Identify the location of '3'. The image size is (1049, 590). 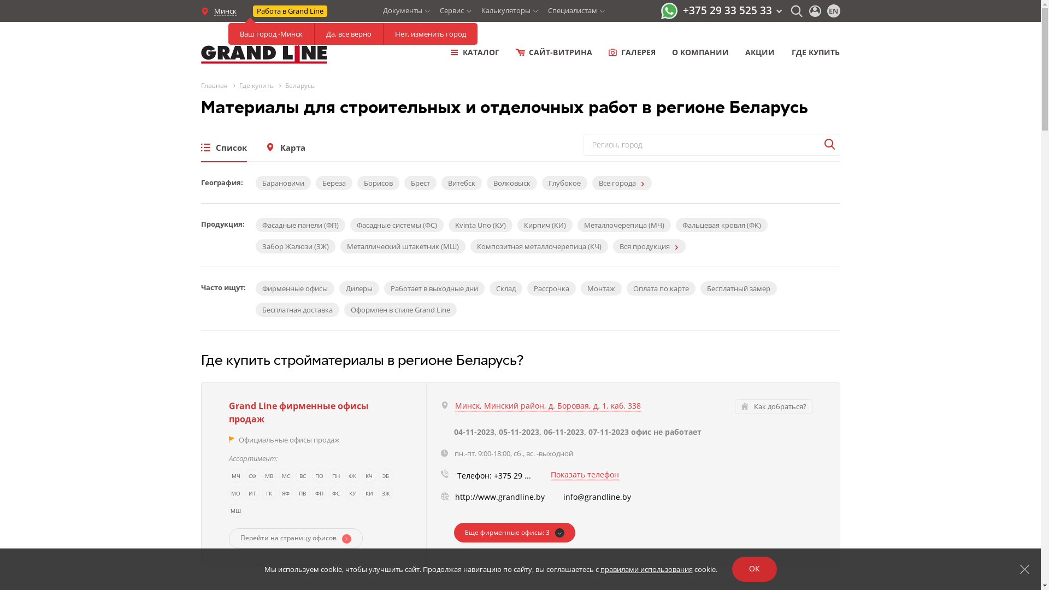
(513, 532).